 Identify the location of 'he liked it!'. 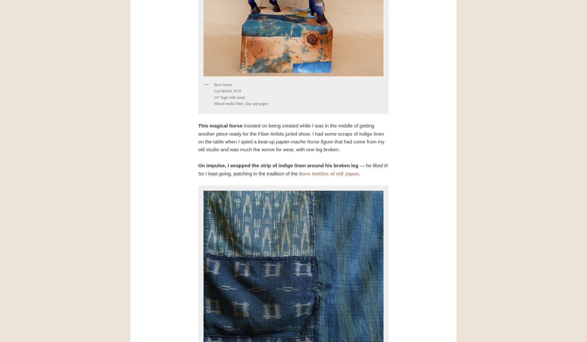
(376, 165).